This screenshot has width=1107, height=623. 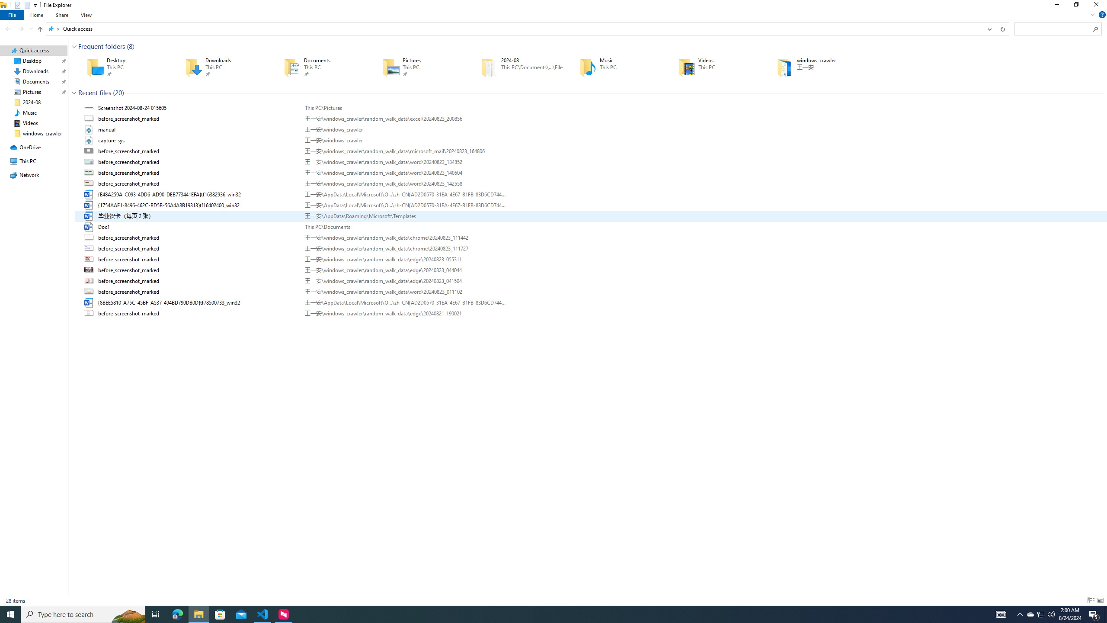 What do you see at coordinates (61, 15) in the screenshot?
I see `'Share'` at bounding box center [61, 15].